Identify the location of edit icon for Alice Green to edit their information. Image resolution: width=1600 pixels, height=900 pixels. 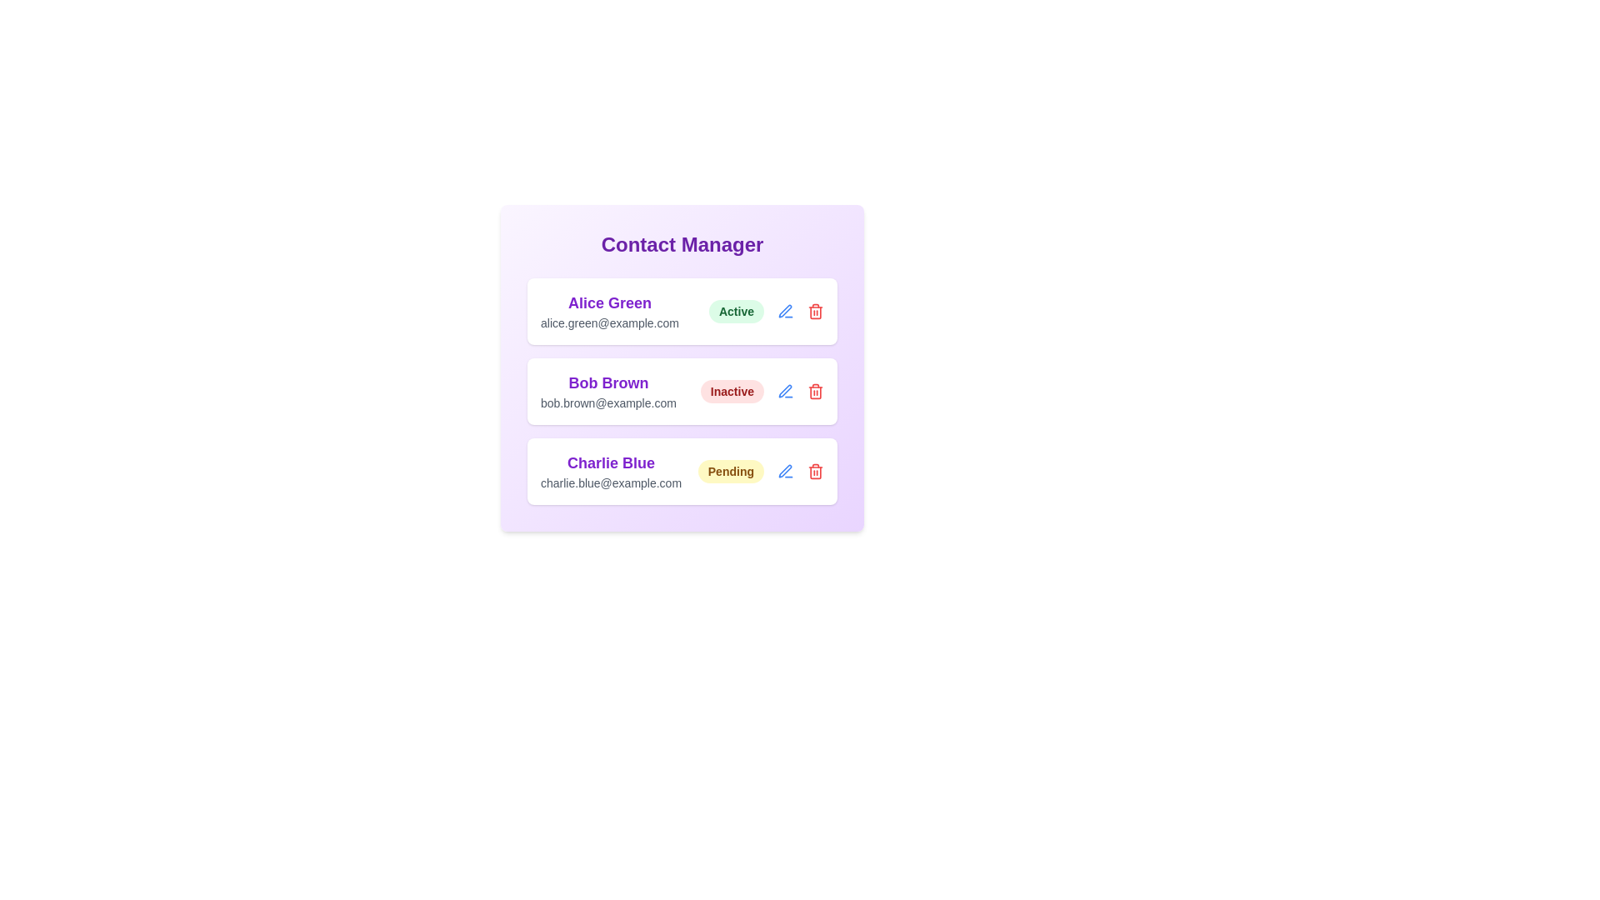
(784, 312).